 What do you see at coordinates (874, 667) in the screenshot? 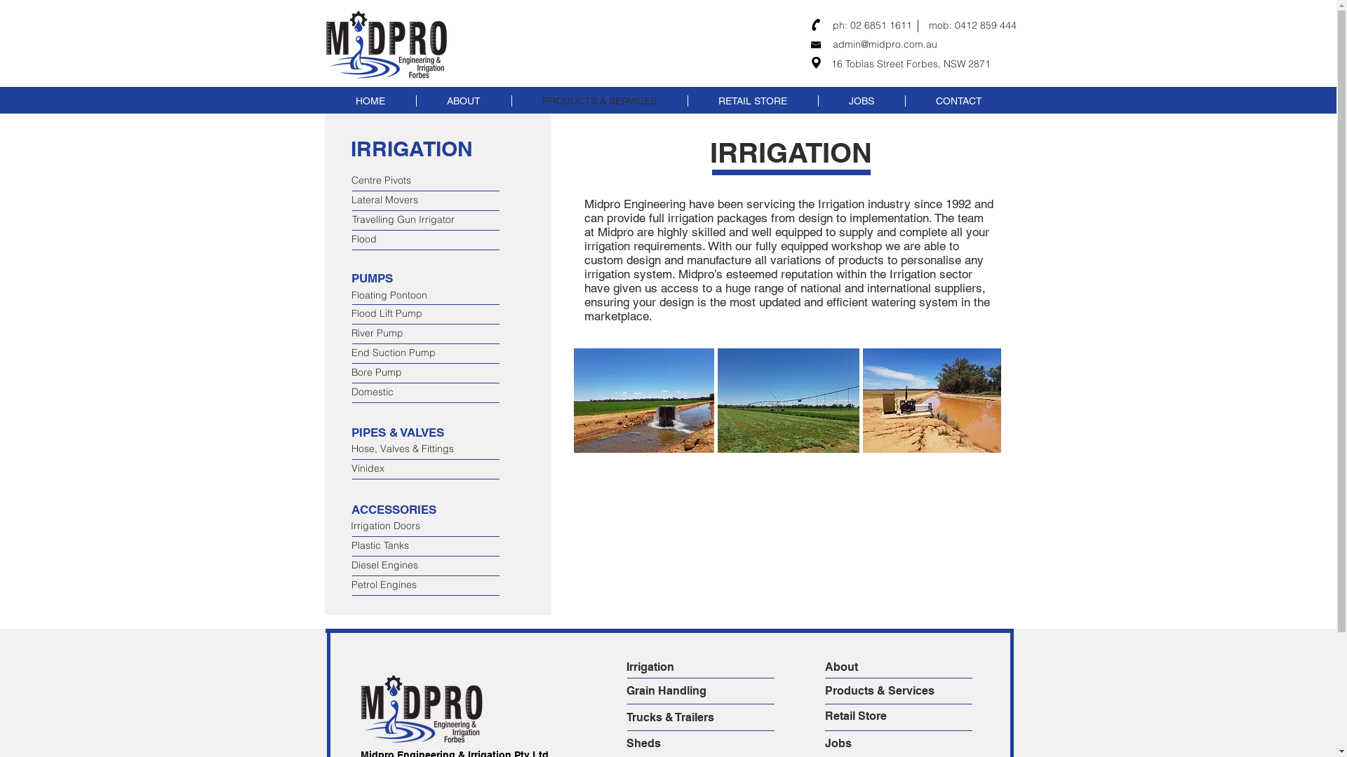
I see `'About'` at bounding box center [874, 667].